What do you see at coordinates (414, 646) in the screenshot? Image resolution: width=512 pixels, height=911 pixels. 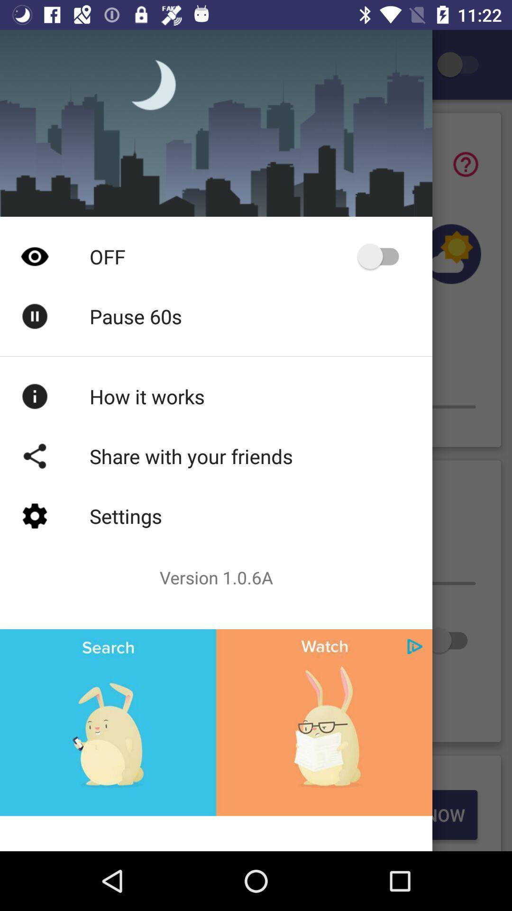 I see `icon page` at bounding box center [414, 646].